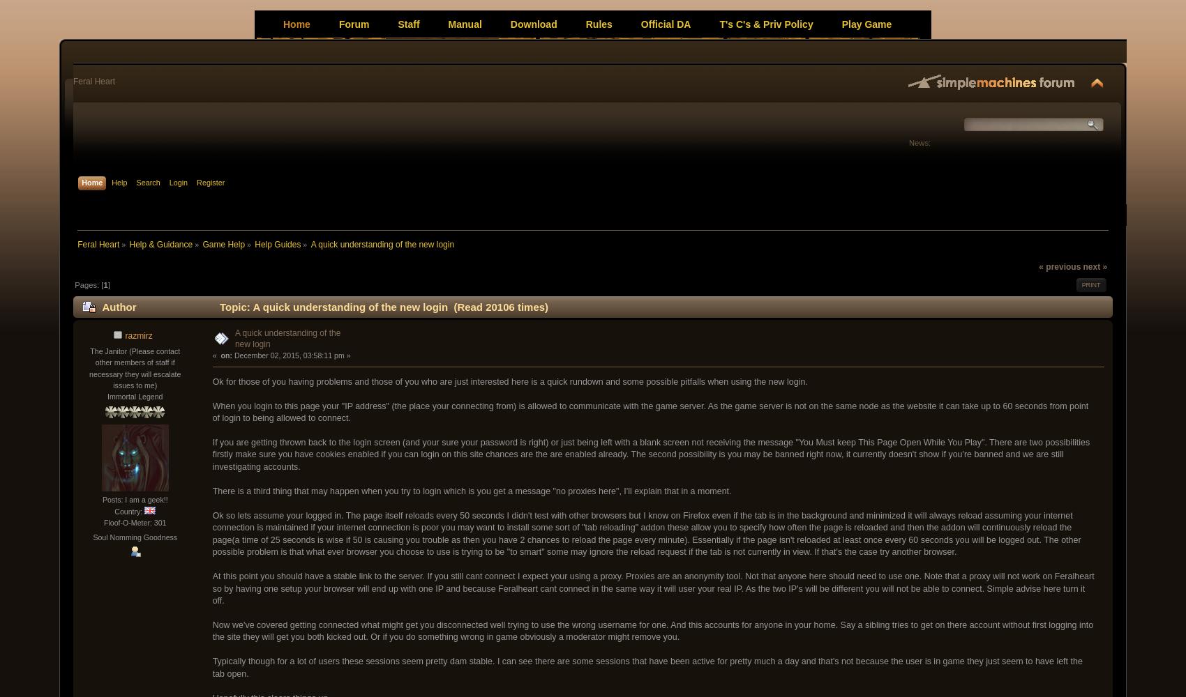  I want to click on 'When you login to this page your "IP address" (the place your connecting from) is allowed to communicate with the game server. As the game server is not on the same node as the website it can take up to 60 seconds from point of login to being allowed to connect.', so click(650, 411).